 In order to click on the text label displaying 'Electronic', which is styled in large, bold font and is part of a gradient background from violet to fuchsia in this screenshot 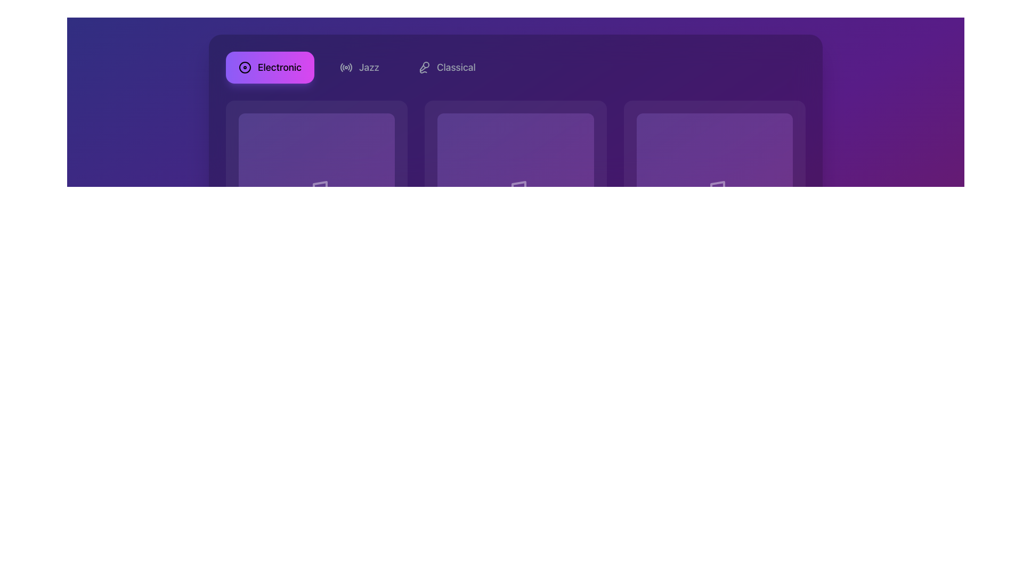, I will do `click(279, 68)`.